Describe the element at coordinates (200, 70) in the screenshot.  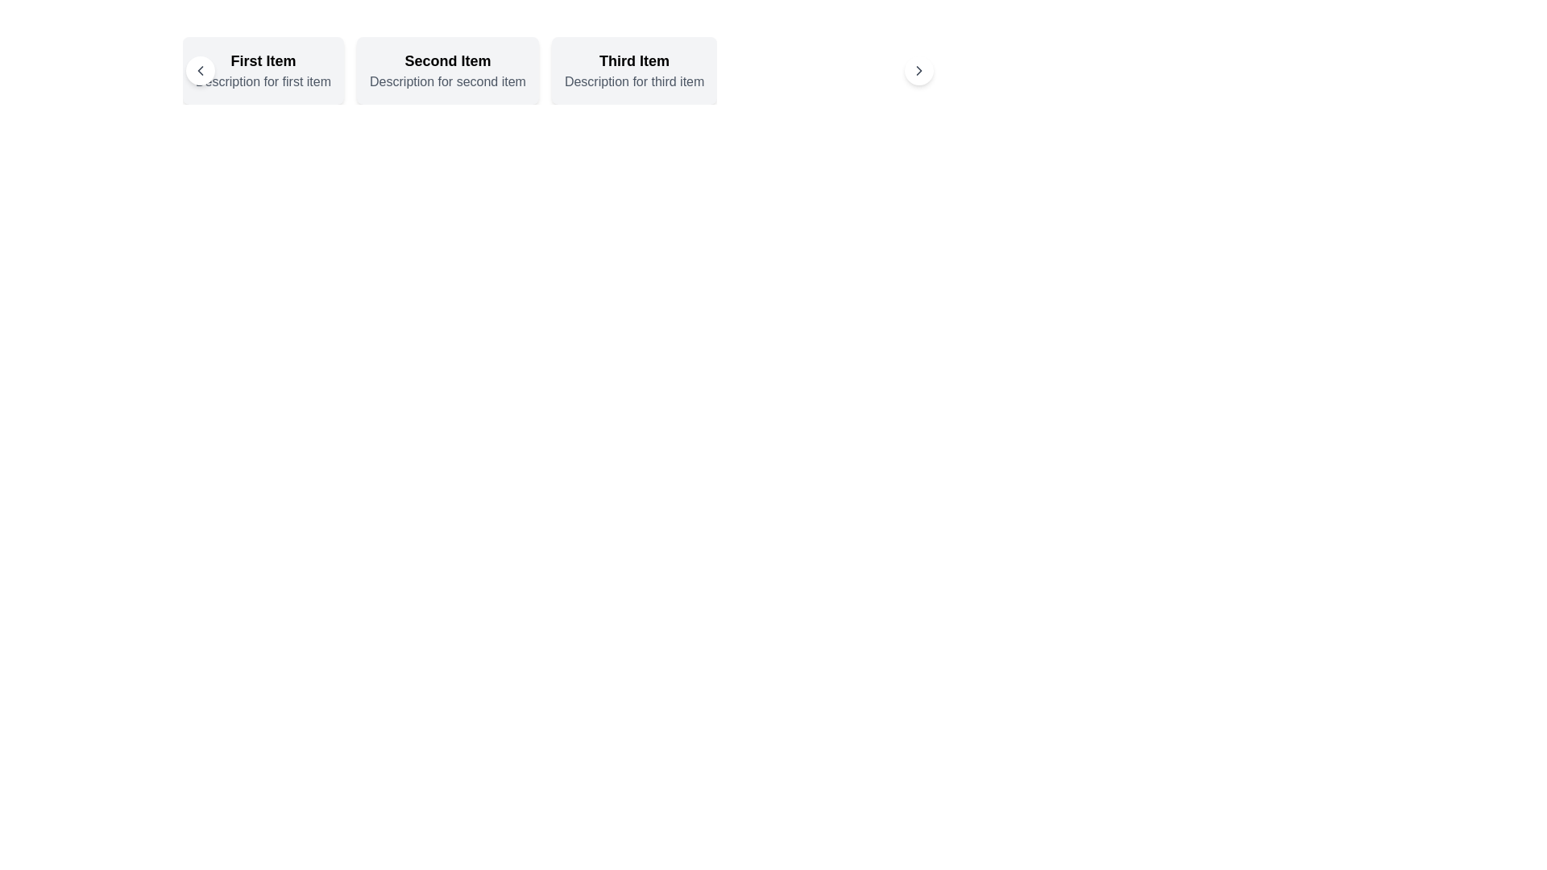
I see `the leftward chevron icon for navigation, which is a small arrow-like glyph located in the upper-left quadrant of the interface, adjacent to the 'First Item' element` at that location.